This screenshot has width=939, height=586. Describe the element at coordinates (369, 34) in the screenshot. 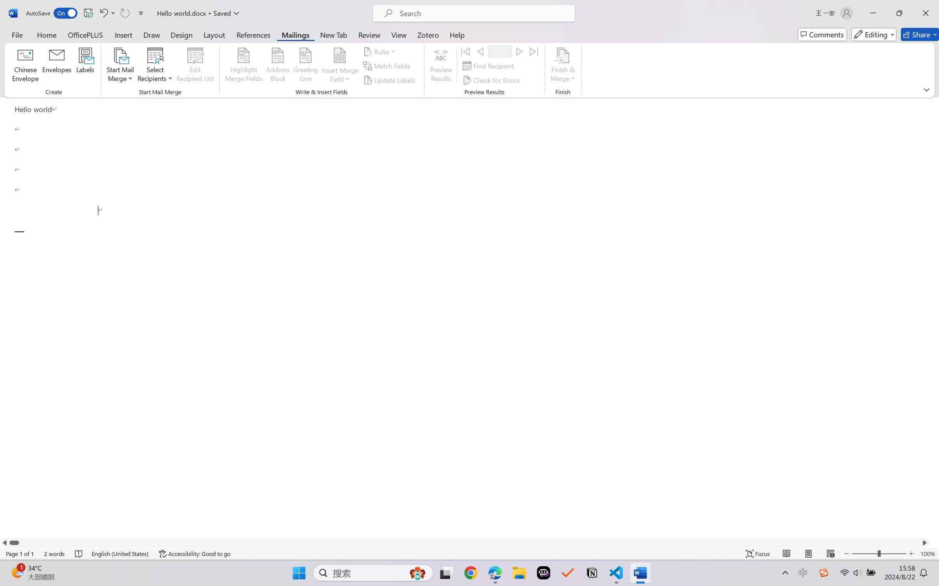

I see `'Review'` at that location.